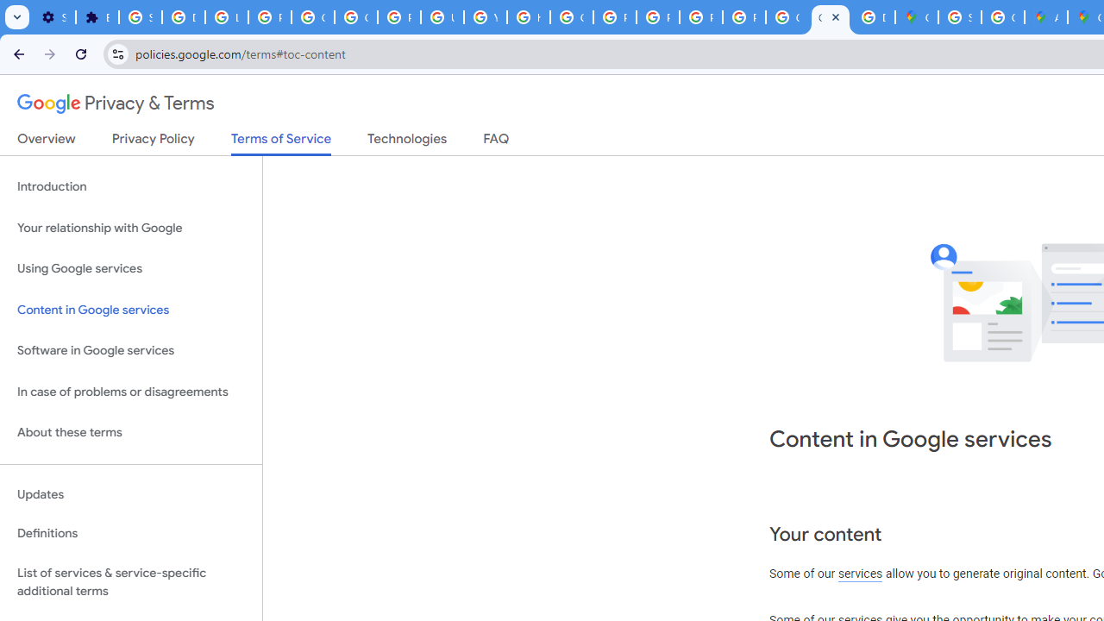 The height and width of the screenshot is (621, 1104). Describe the element at coordinates (130, 494) in the screenshot. I see `'Updates'` at that location.